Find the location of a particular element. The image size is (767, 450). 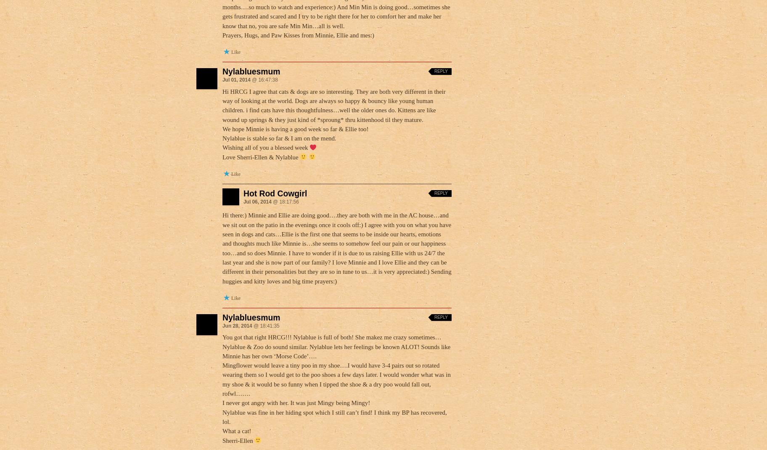

'I never got angry with her. It was just Mingy being Mingy!' is located at coordinates (296, 402).